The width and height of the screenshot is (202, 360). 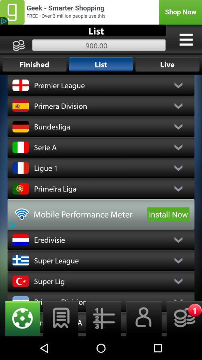 What do you see at coordinates (168, 214) in the screenshot?
I see `the item to the right of the mobile performance meter` at bounding box center [168, 214].